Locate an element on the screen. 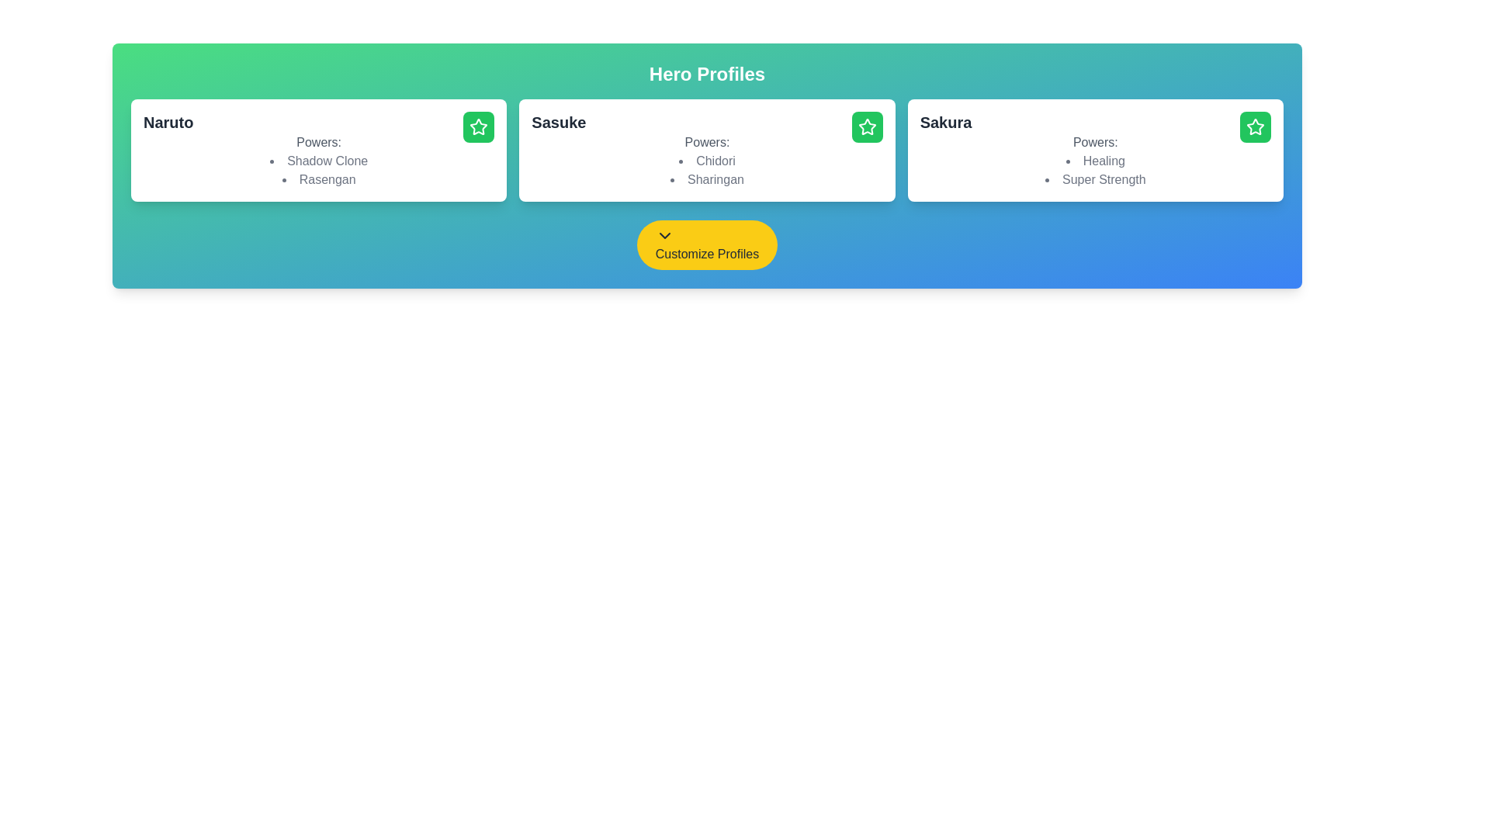 Image resolution: width=1490 pixels, height=838 pixels. the leftmost icon of the yellow rounded button labeled 'Customize Profiles' is located at coordinates (664, 236).